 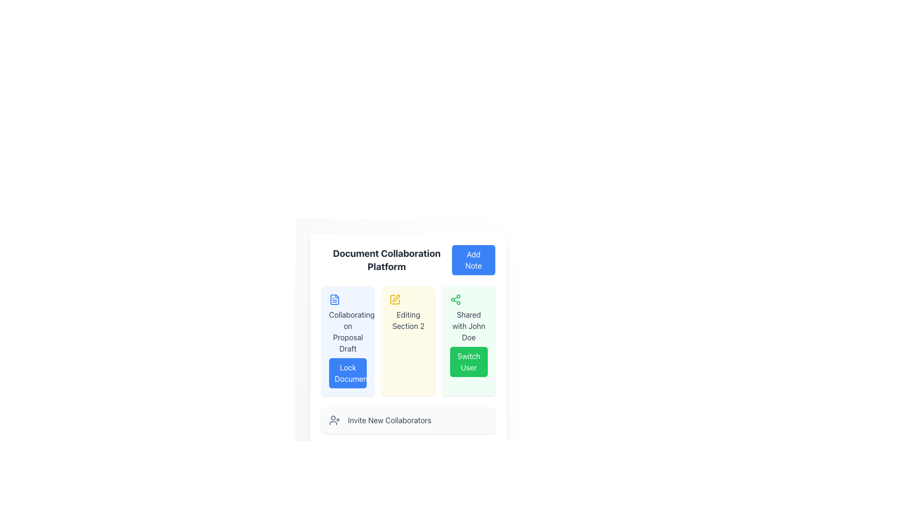 What do you see at coordinates (347, 372) in the screenshot?
I see `the button with a blue background and white text reading 'Lock Document' located in the card labeled 'Collaborating on Proposal Draft'` at bounding box center [347, 372].